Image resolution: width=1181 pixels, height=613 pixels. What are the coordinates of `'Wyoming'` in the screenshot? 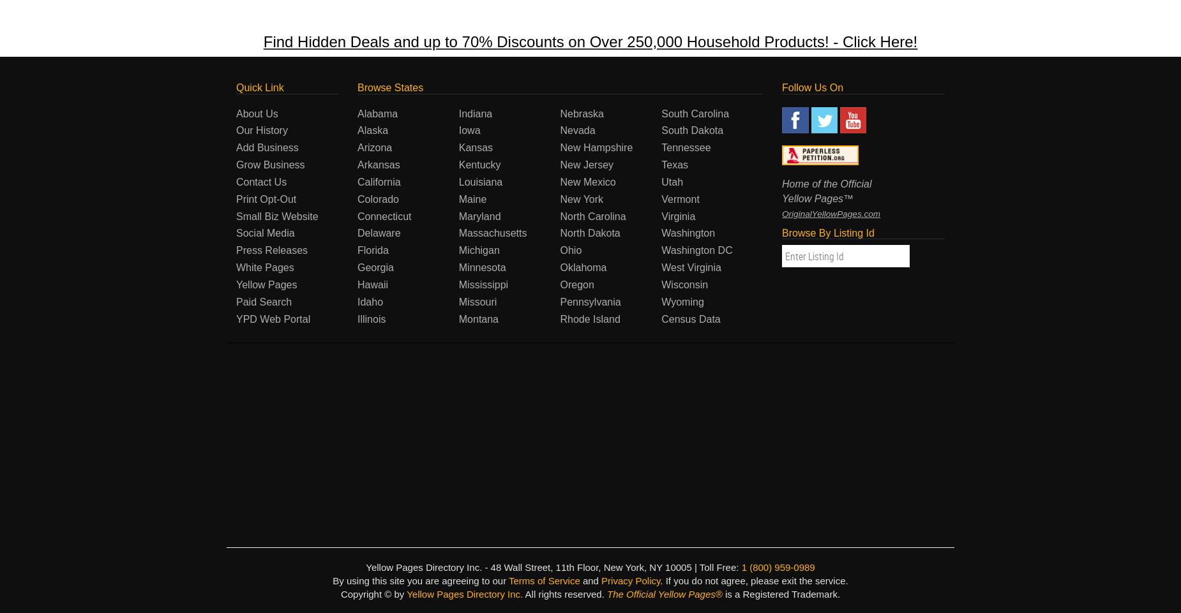 It's located at (681, 300).